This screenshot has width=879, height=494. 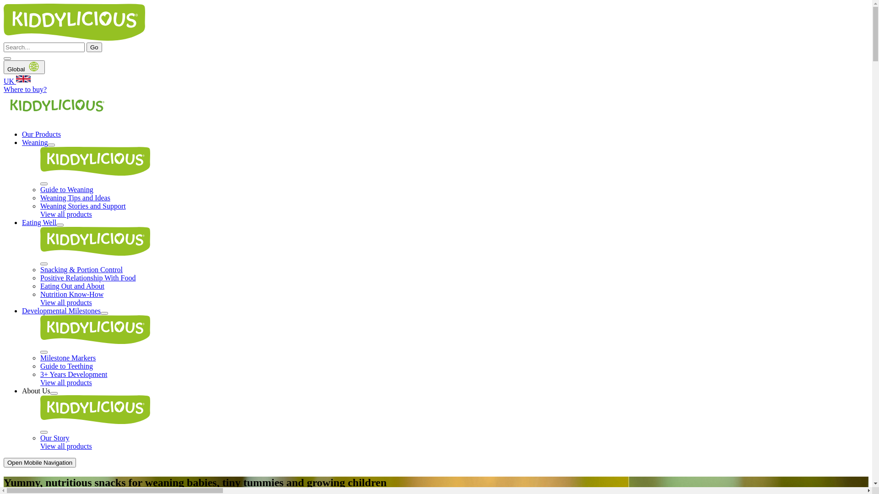 What do you see at coordinates (39, 365) in the screenshot?
I see `'Guide to Teething'` at bounding box center [39, 365].